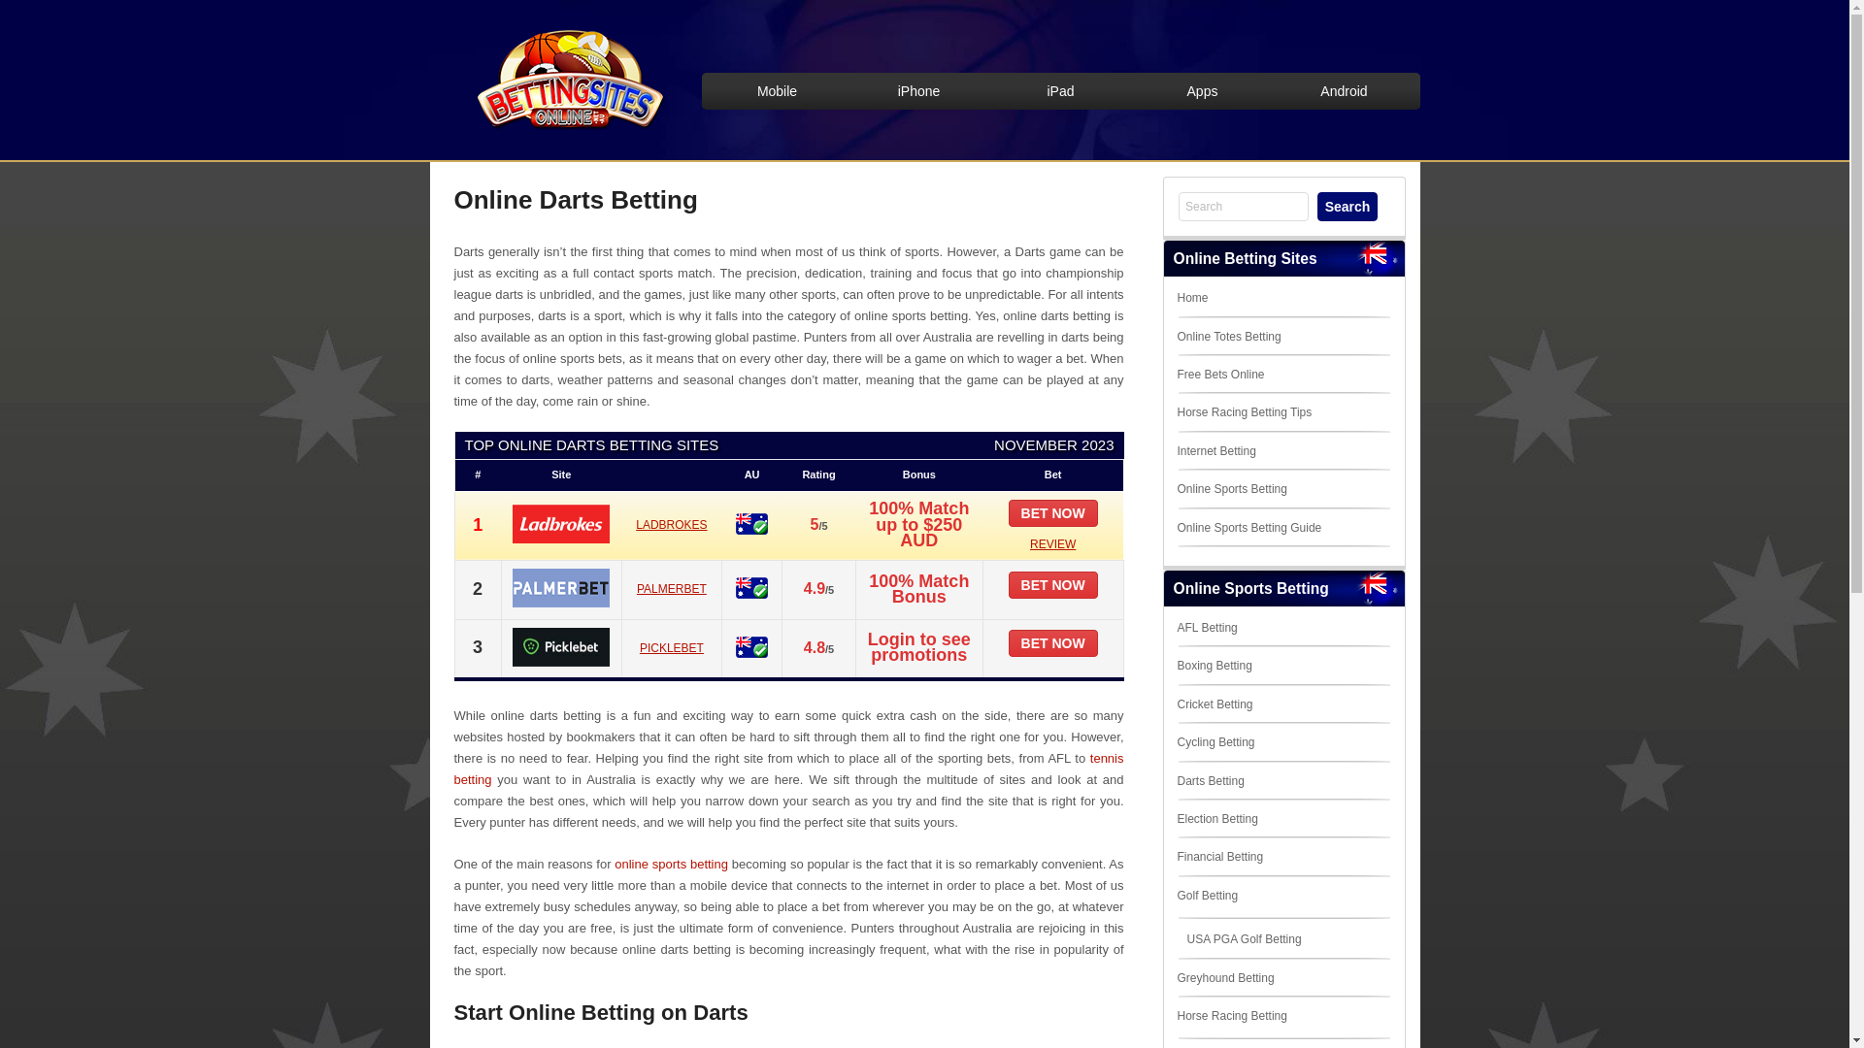 The height and width of the screenshot is (1048, 1864). Describe the element at coordinates (1346, 206) in the screenshot. I see `'Search'` at that location.